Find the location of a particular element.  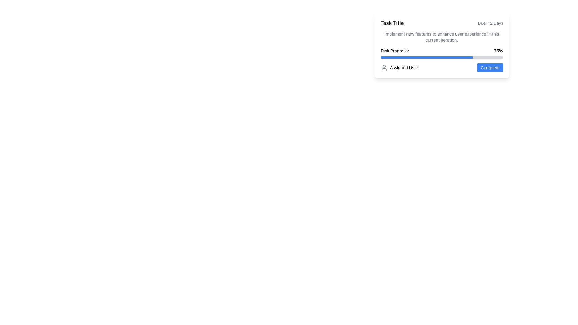

the progress bar indicating 75% completion beneath the 'Task Progress:' label is located at coordinates (426, 57).